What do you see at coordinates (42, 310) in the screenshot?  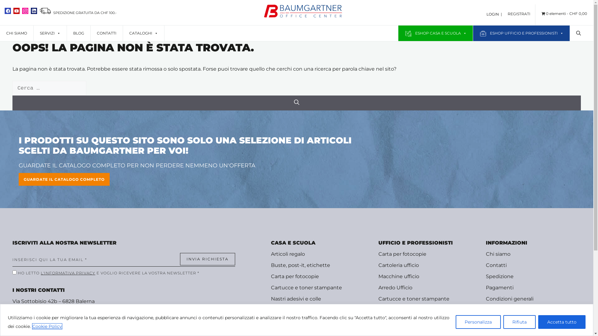 I see `'+41 091 682 65 36'` at bounding box center [42, 310].